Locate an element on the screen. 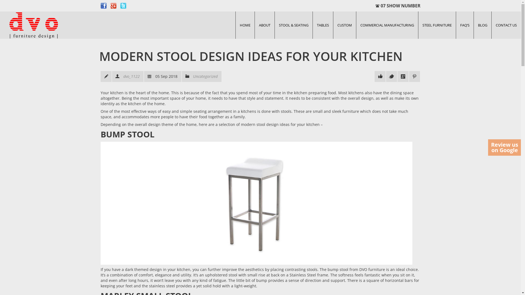 Image resolution: width=525 pixels, height=295 pixels. 'Uncategorized' is located at coordinates (205, 76).